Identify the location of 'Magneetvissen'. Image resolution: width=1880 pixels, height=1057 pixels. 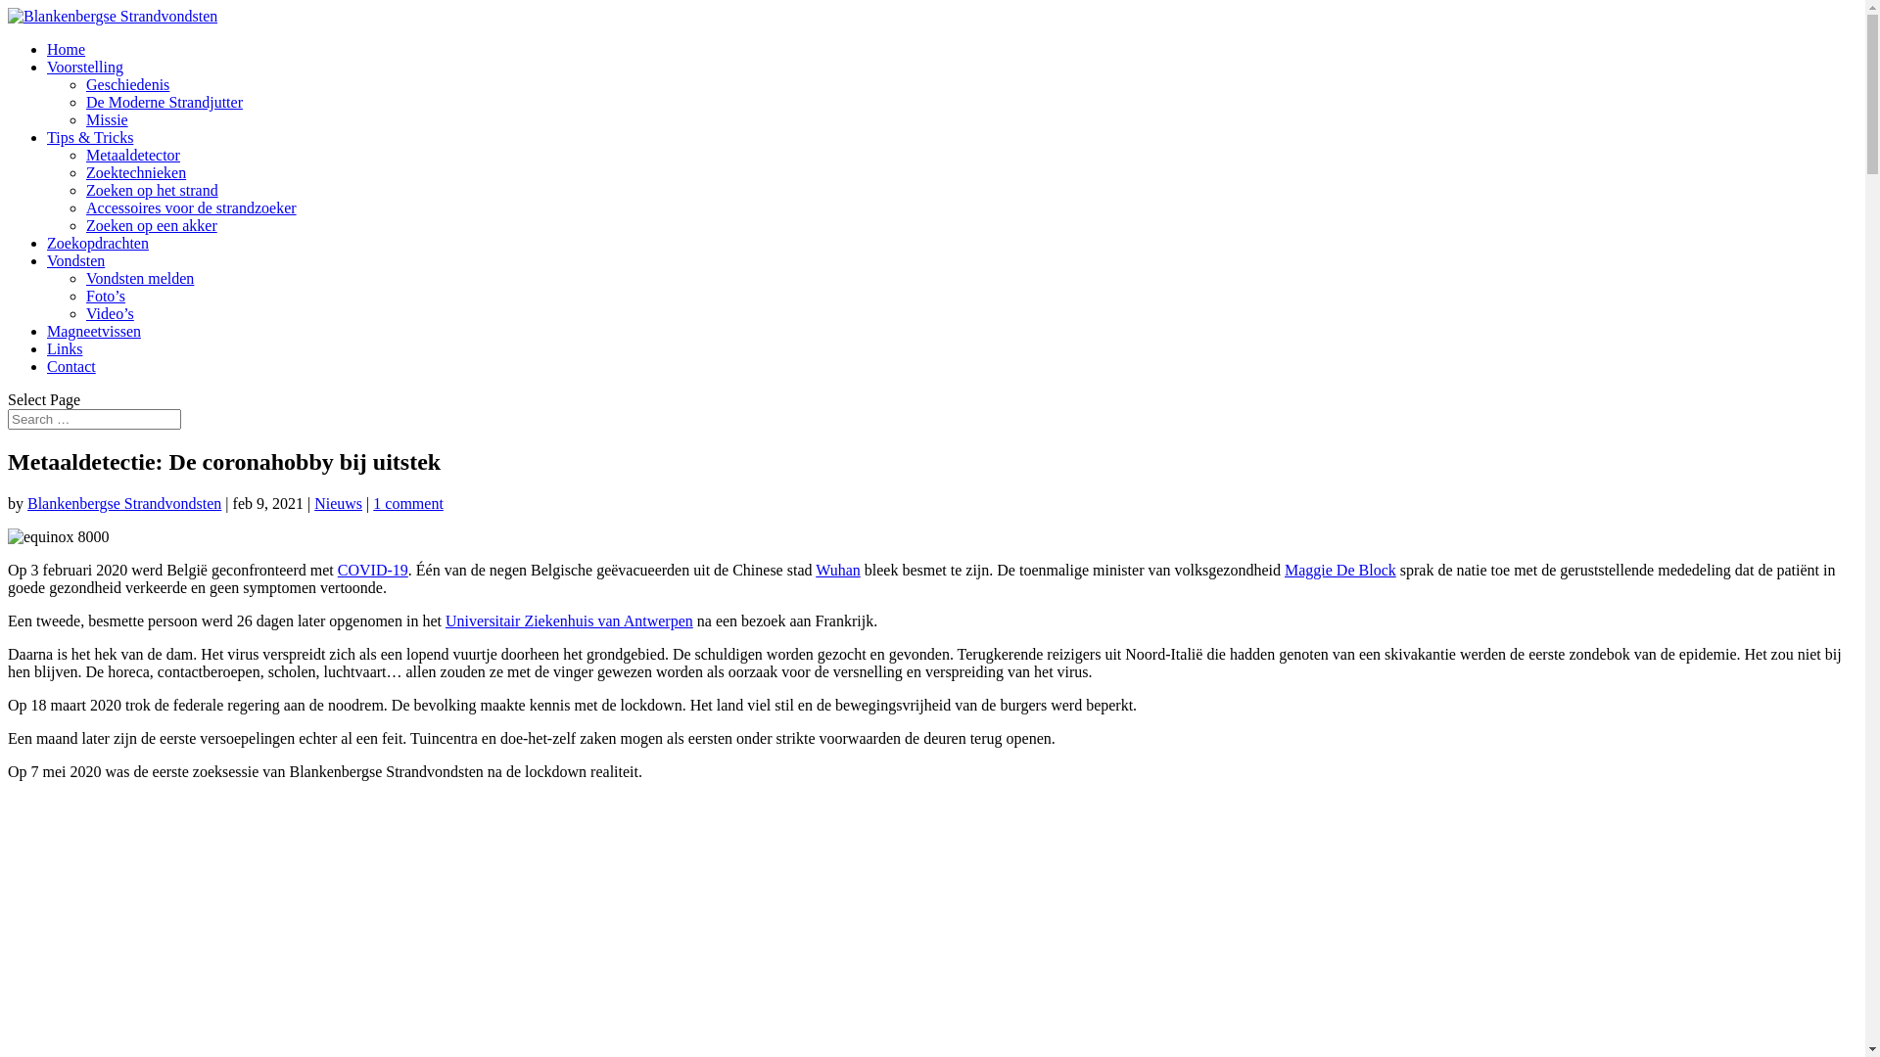
(93, 330).